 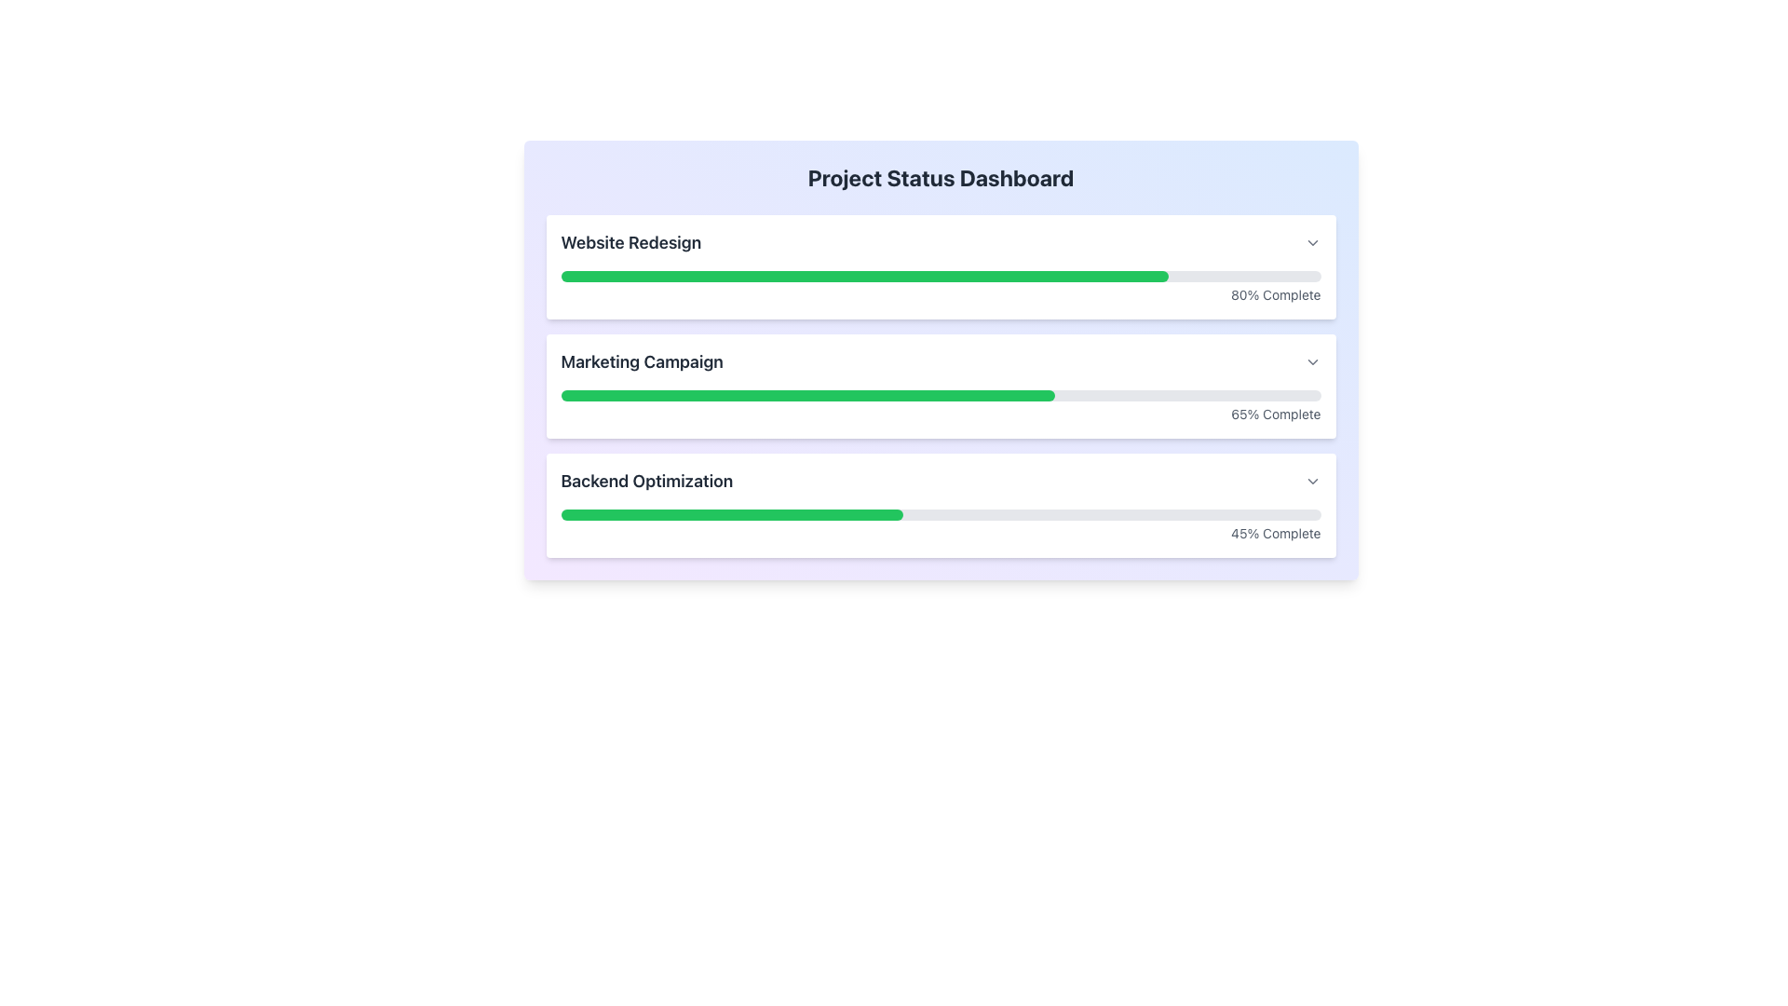 What do you see at coordinates (941, 394) in the screenshot?
I see `the completion status of the progress bar located in the middle card of the 'Project Status Dashboard' interface, which shows a green filled portion indicating 65% completion` at bounding box center [941, 394].